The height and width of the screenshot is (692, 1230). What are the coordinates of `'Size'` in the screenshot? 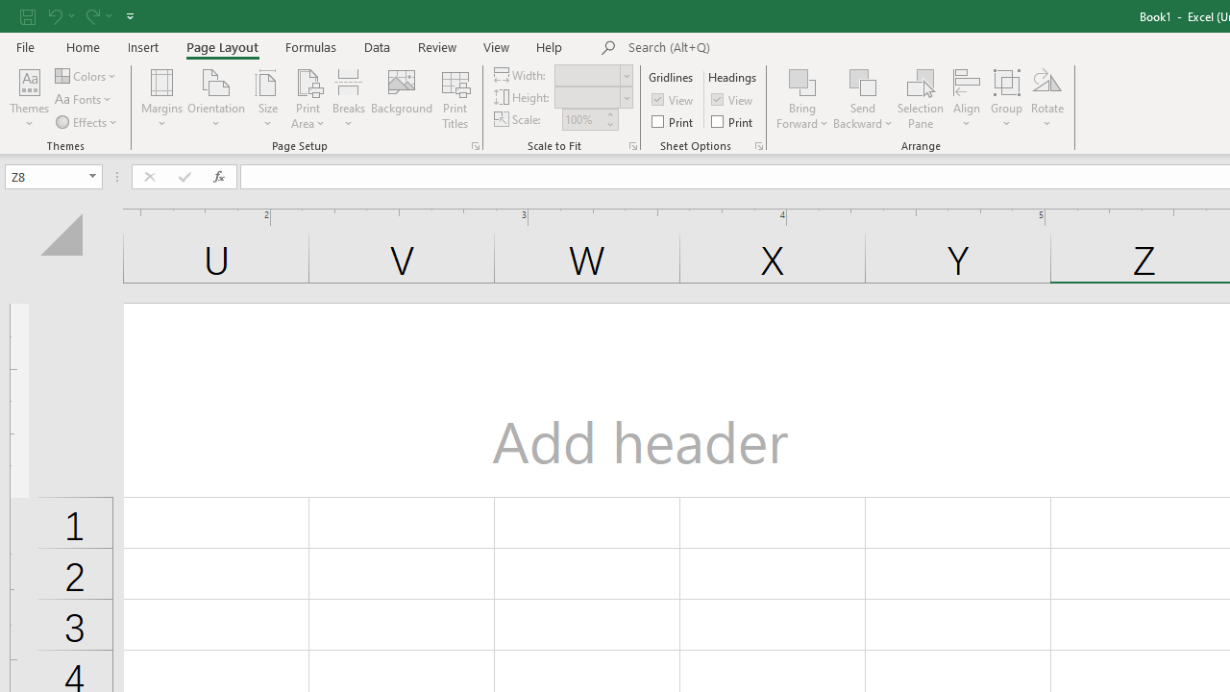 It's located at (267, 99).